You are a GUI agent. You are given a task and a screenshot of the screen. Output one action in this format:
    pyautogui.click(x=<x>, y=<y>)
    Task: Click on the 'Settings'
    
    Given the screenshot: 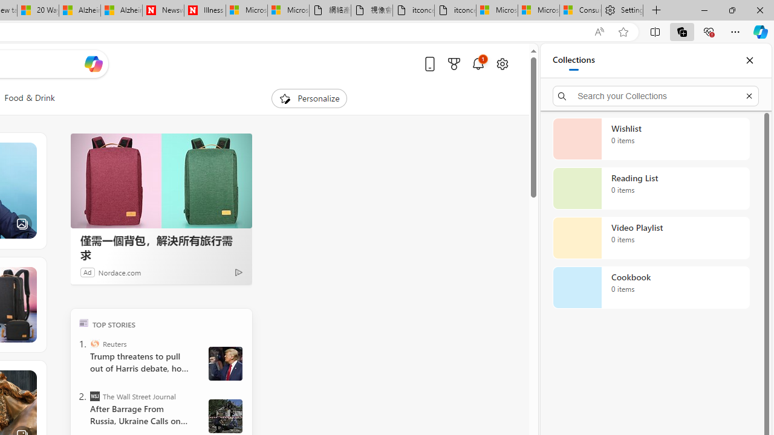 What is the action you would take?
    pyautogui.click(x=622, y=10)
    